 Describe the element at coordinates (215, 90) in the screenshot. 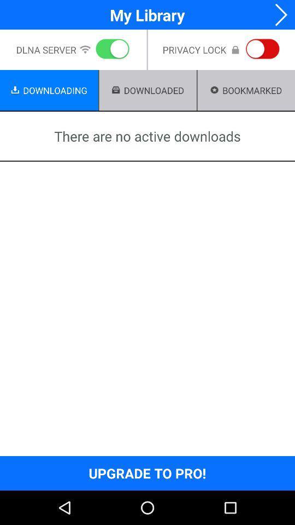

I see `the icon which is before bookmarked` at that location.